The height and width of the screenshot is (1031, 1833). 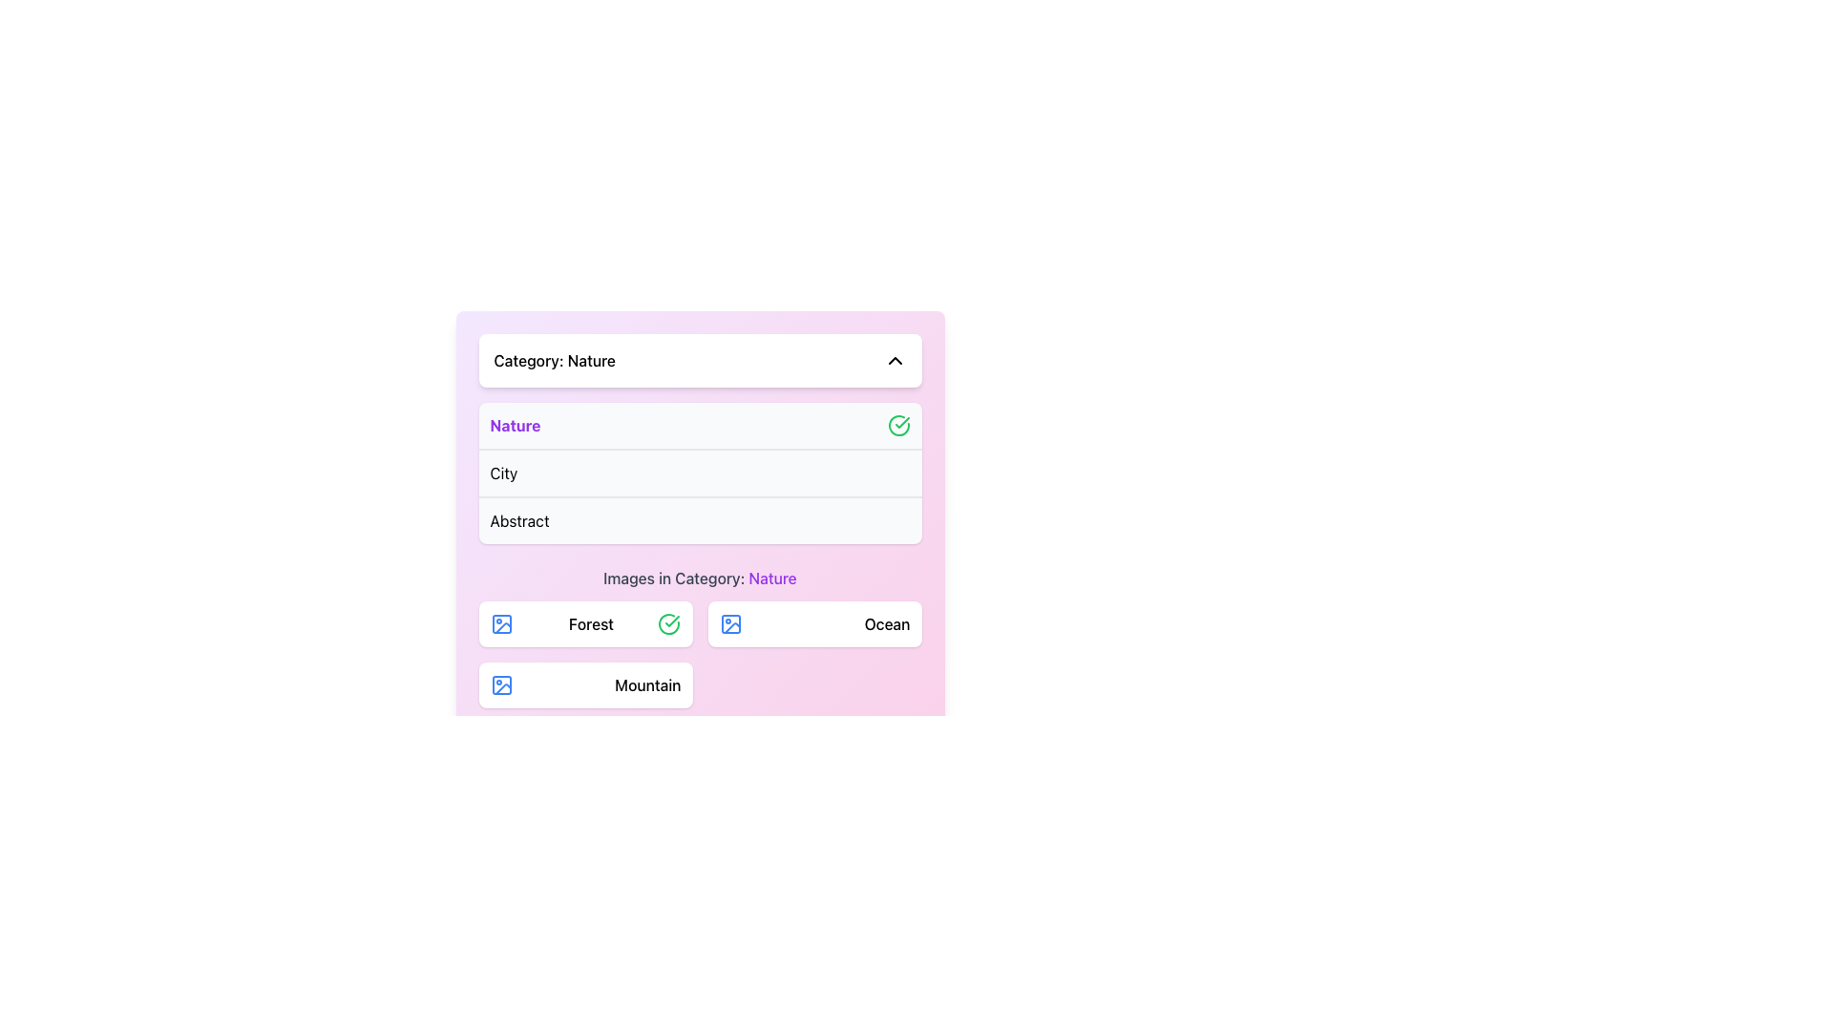 I want to click on the circular graphical icon indicating the selection status of the 'Forest' category in the 'Images in Category: Nature' section, so click(x=897, y=425).